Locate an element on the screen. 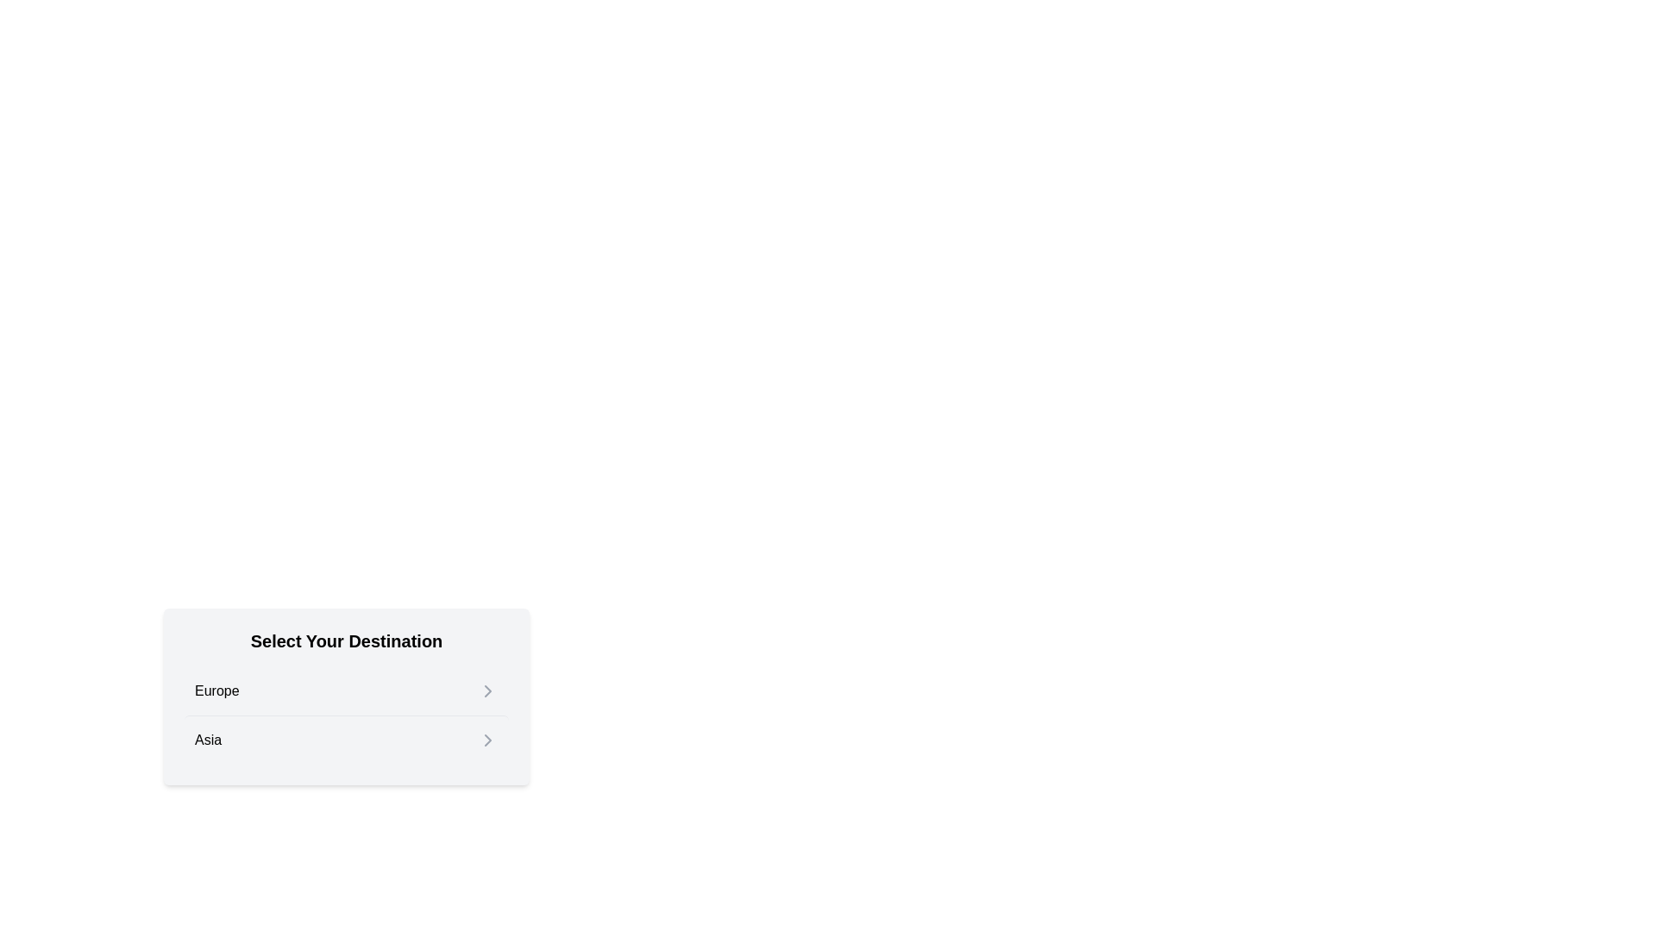 This screenshot has height=931, width=1656. the right-pointing triangular arrow icon located next to the text 'Europe' is located at coordinates (487, 690).